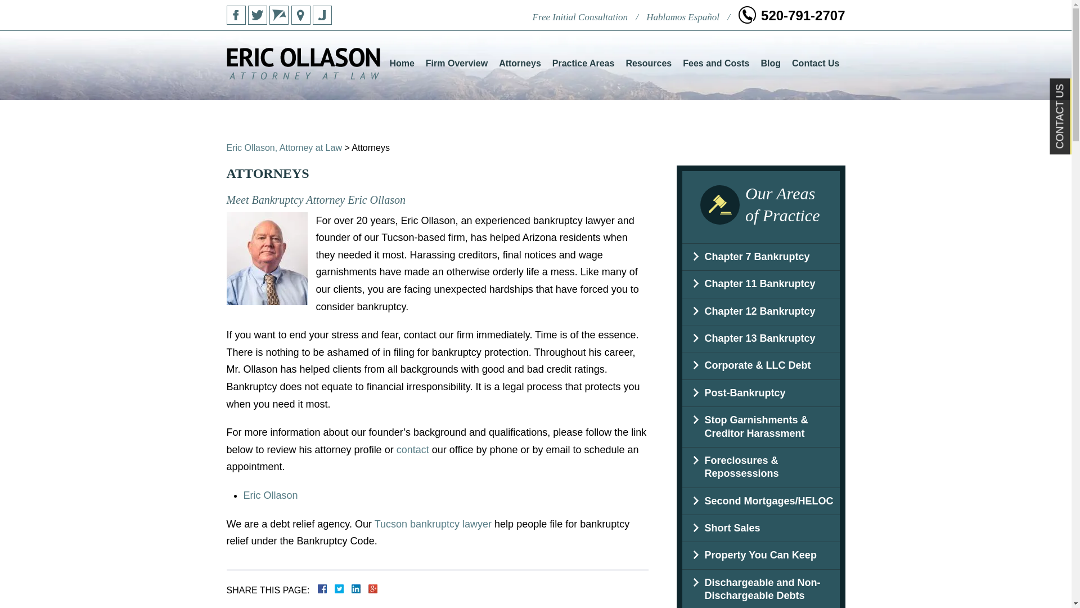 The width and height of the screenshot is (1080, 608). Describe the element at coordinates (815, 63) in the screenshot. I see `'Contact Us'` at that location.